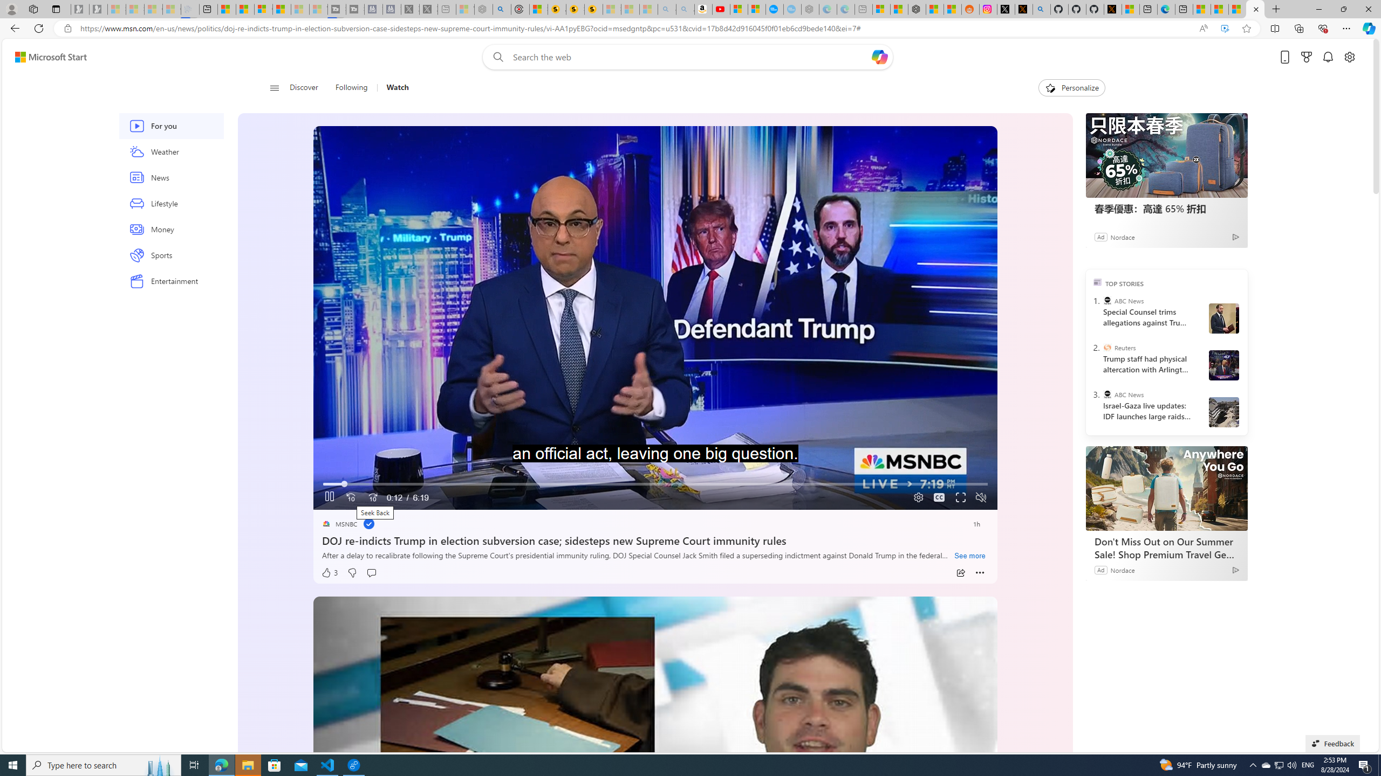  What do you see at coordinates (1306, 57) in the screenshot?
I see `'Microsoft rewards'` at bounding box center [1306, 57].